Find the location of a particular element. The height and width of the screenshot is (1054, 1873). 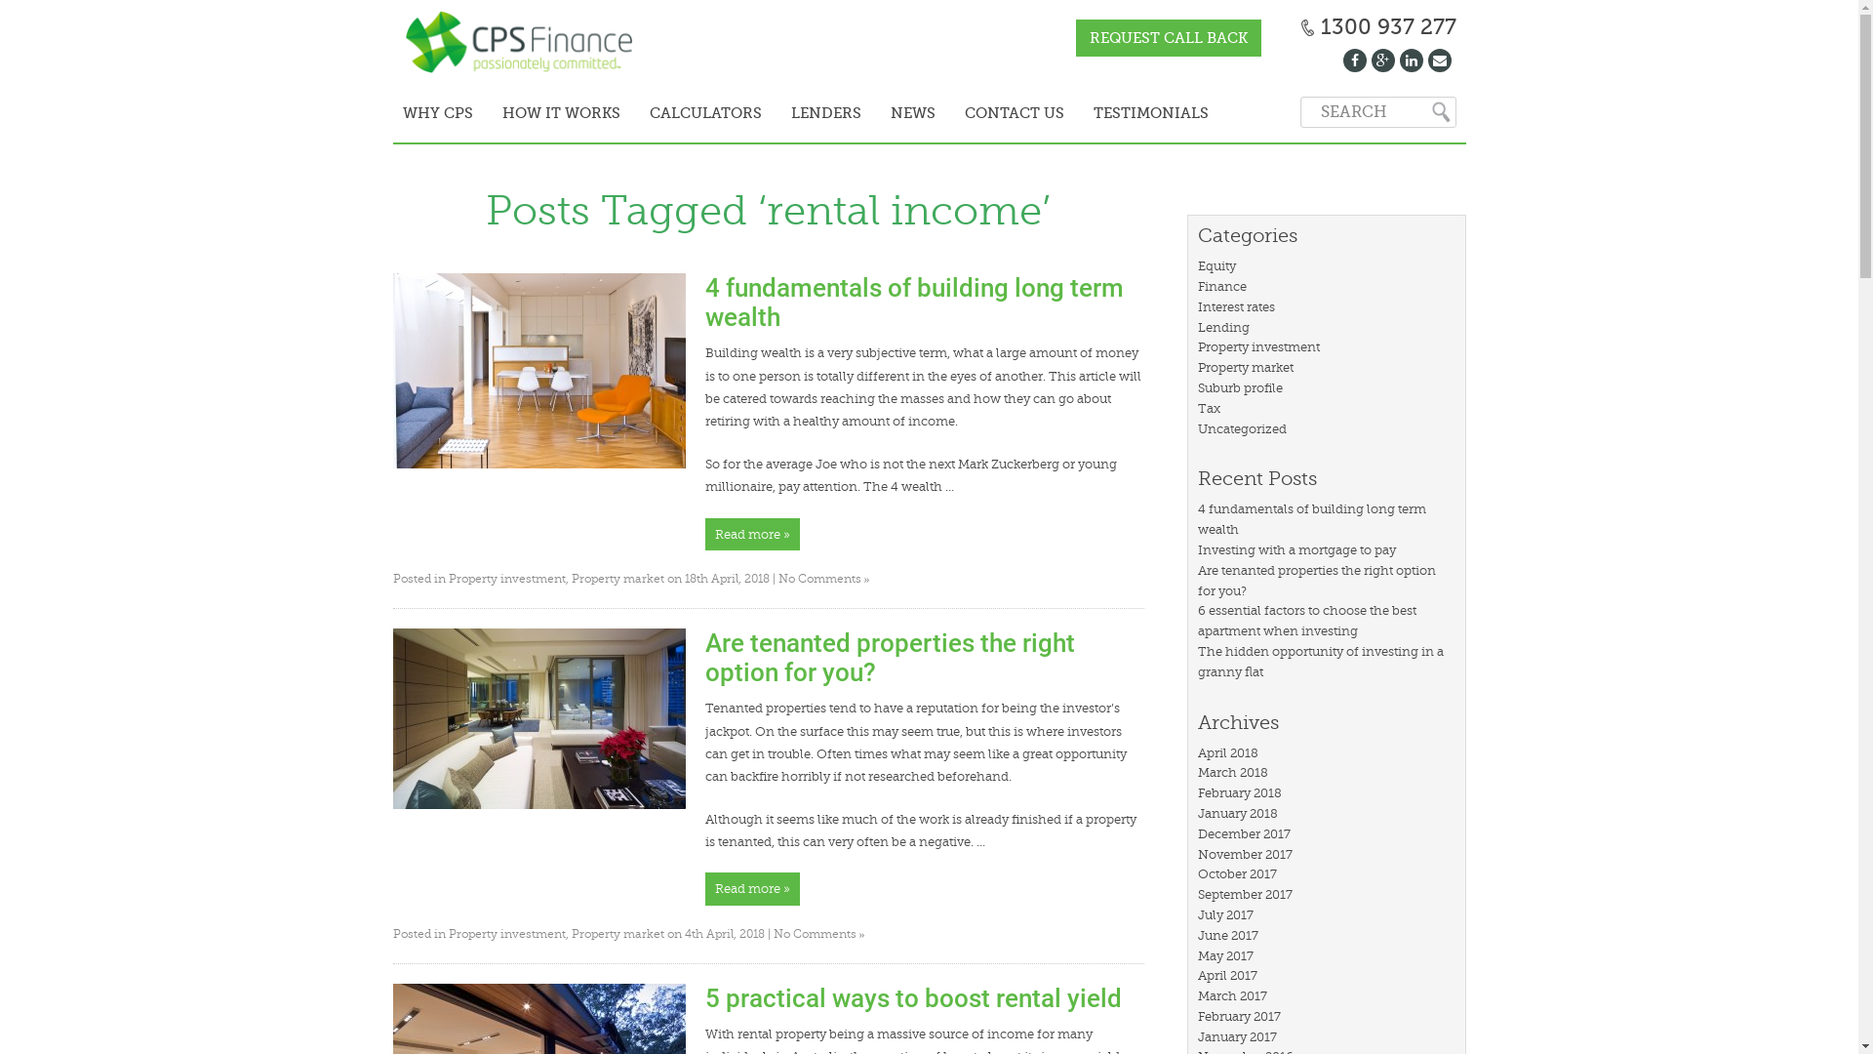

'WHY CPS' is located at coordinates (388, 110).